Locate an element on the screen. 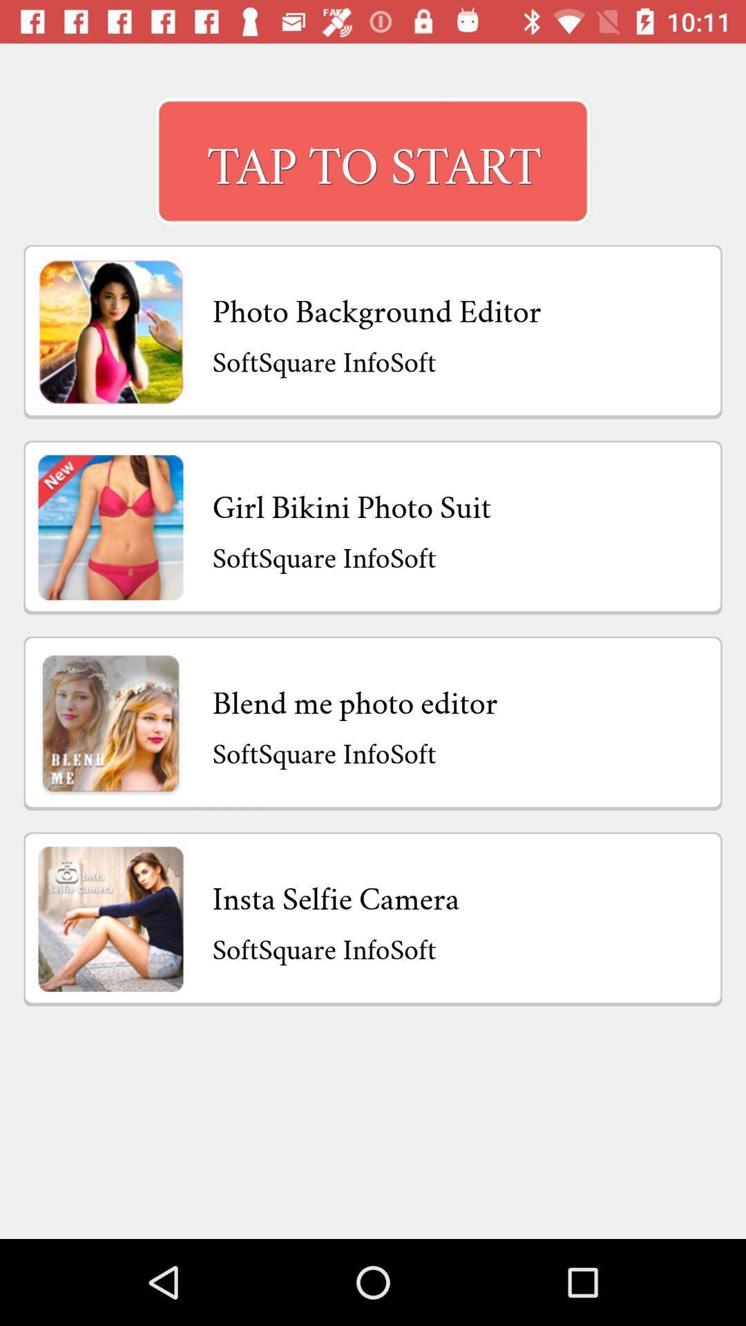 The image size is (746, 1326). first image from top is located at coordinates (111, 331).